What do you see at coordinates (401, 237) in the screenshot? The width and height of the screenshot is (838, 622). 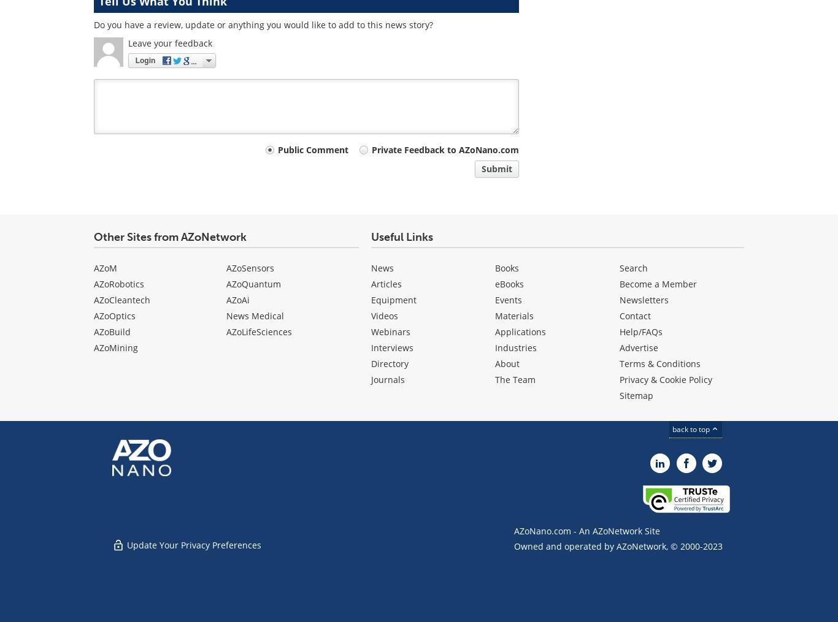 I see `'Useful Links'` at bounding box center [401, 237].